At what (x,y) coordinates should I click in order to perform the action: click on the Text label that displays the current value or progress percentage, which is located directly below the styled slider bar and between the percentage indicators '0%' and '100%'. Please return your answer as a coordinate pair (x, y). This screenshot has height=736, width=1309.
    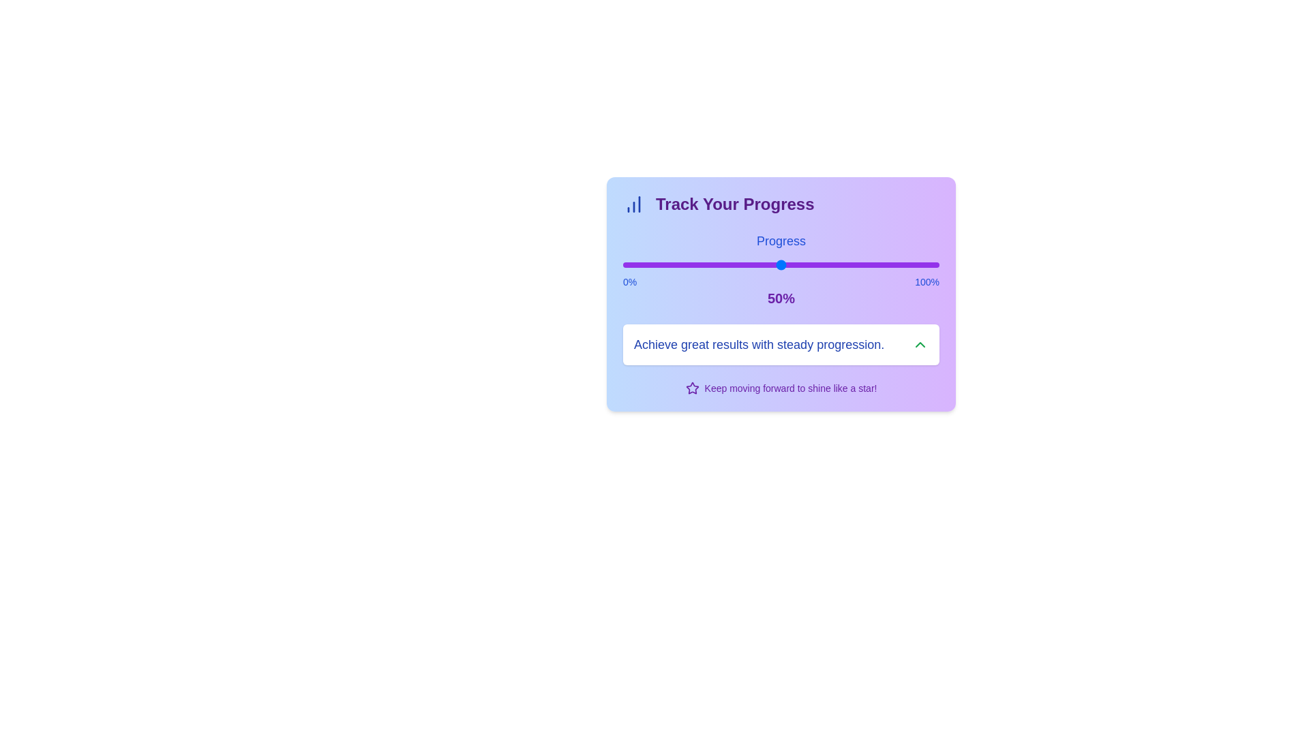
    Looking at the image, I should click on (781, 298).